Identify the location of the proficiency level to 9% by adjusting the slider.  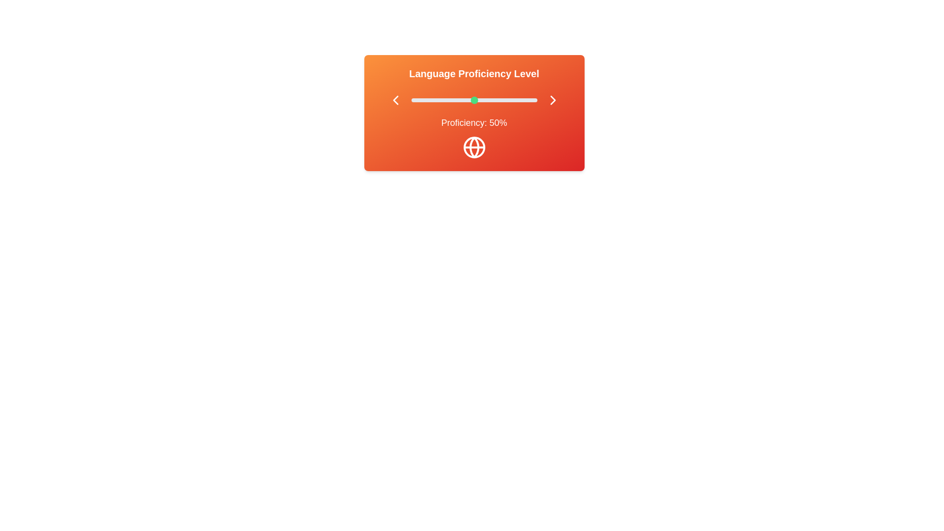
(422, 100).